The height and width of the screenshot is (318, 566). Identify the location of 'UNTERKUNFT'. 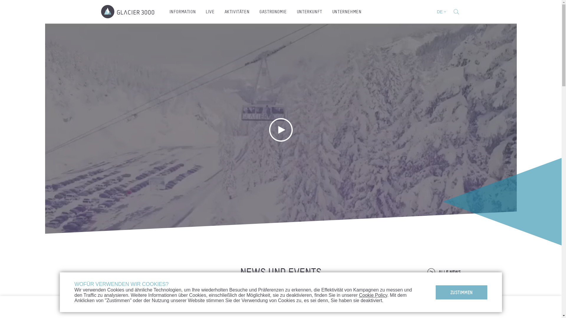
(309, 11).